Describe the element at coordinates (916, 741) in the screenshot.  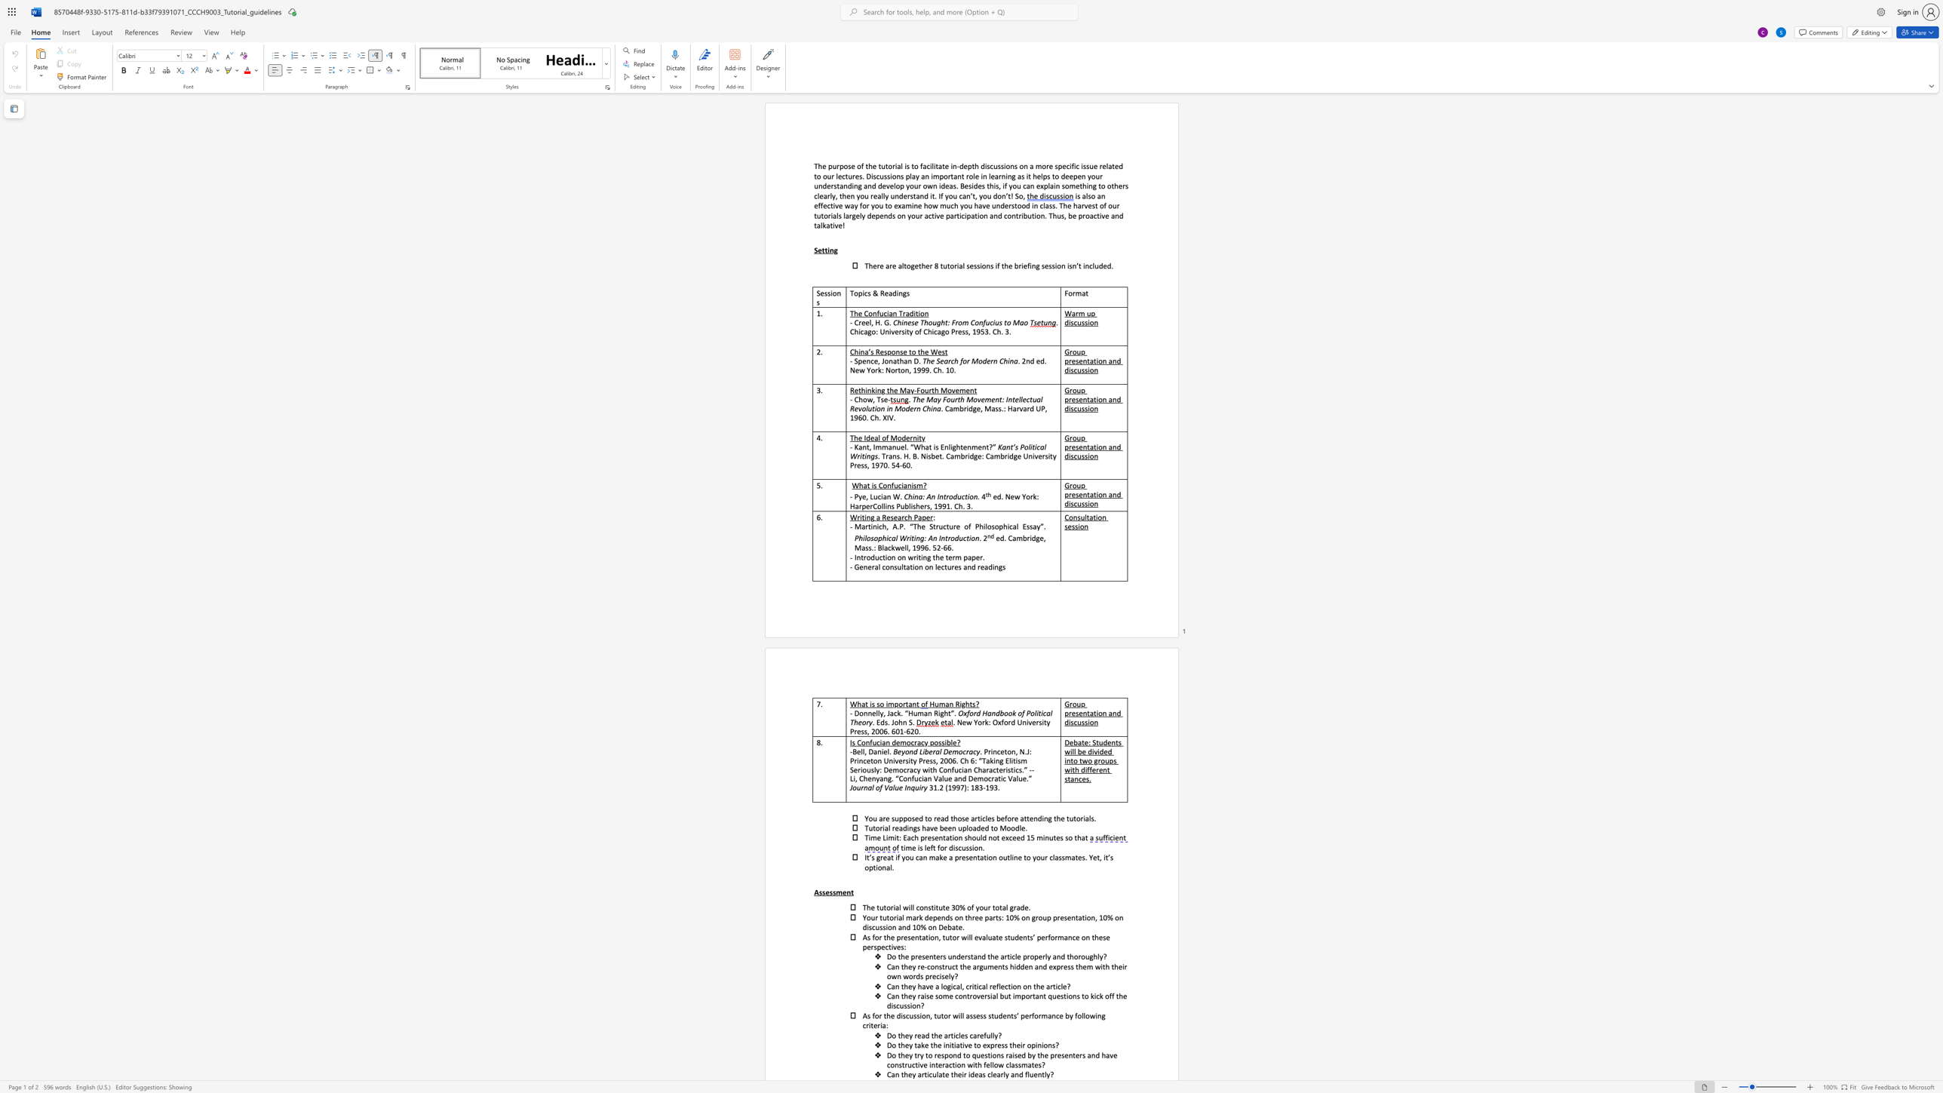
I see `the subset text "acy poss" within the text "Is Confucian democracy possible?"` at that location.